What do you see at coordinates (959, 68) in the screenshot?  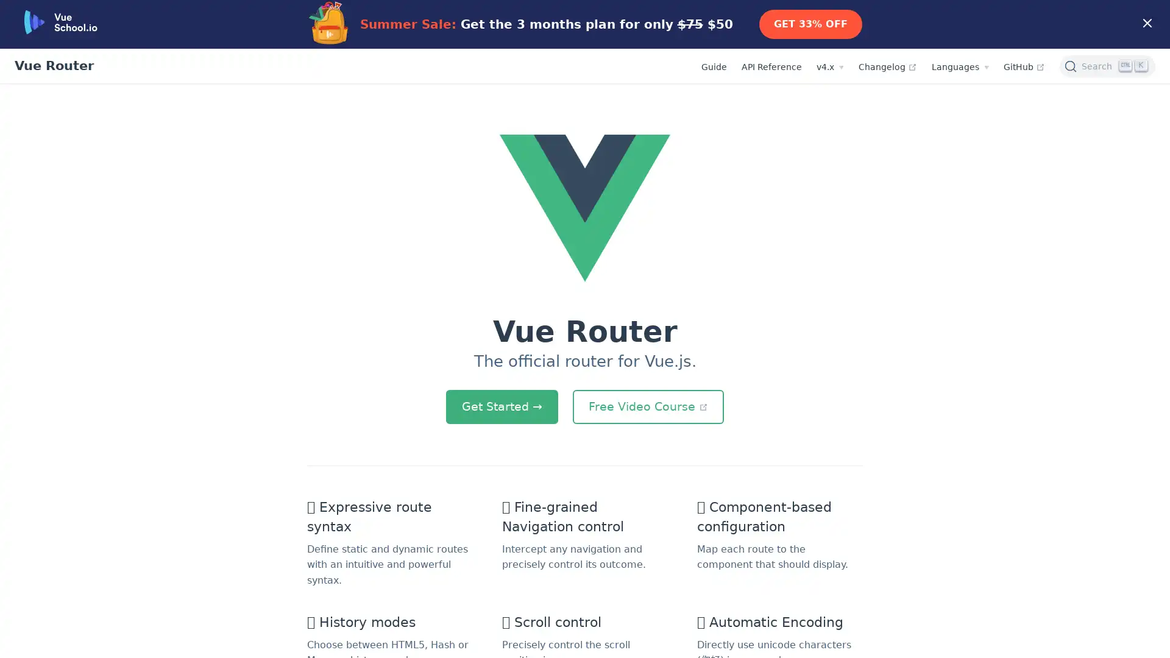 I see `Languages` at bounding box center [959, 68].